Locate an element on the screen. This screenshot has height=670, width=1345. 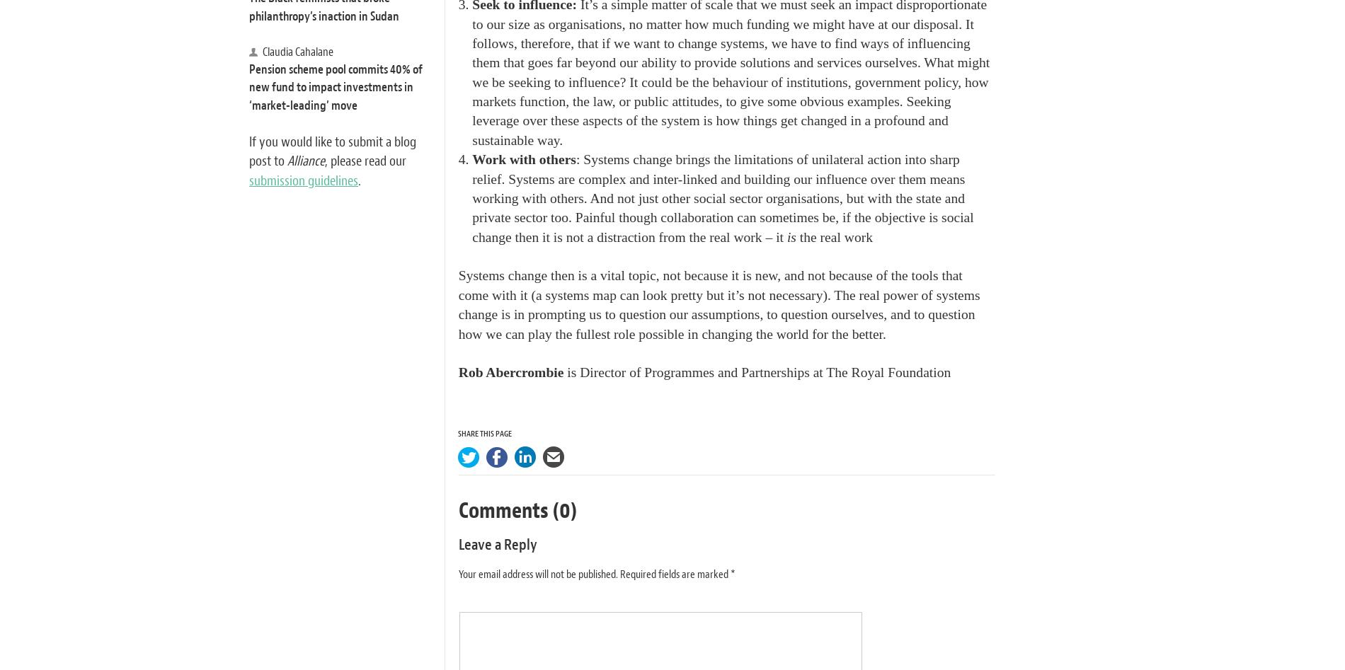
'Alliance' is located at coordinates (305, 161).